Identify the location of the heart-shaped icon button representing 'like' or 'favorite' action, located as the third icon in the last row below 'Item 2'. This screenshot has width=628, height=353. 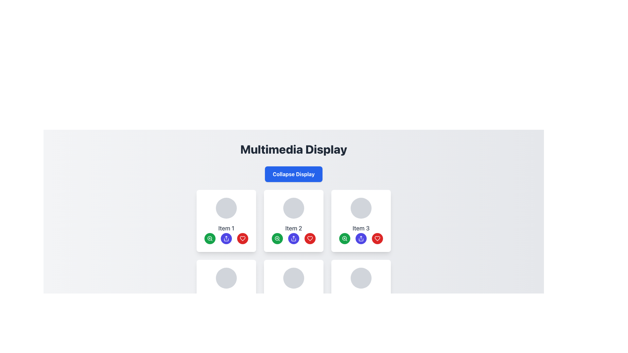
(377, 238).